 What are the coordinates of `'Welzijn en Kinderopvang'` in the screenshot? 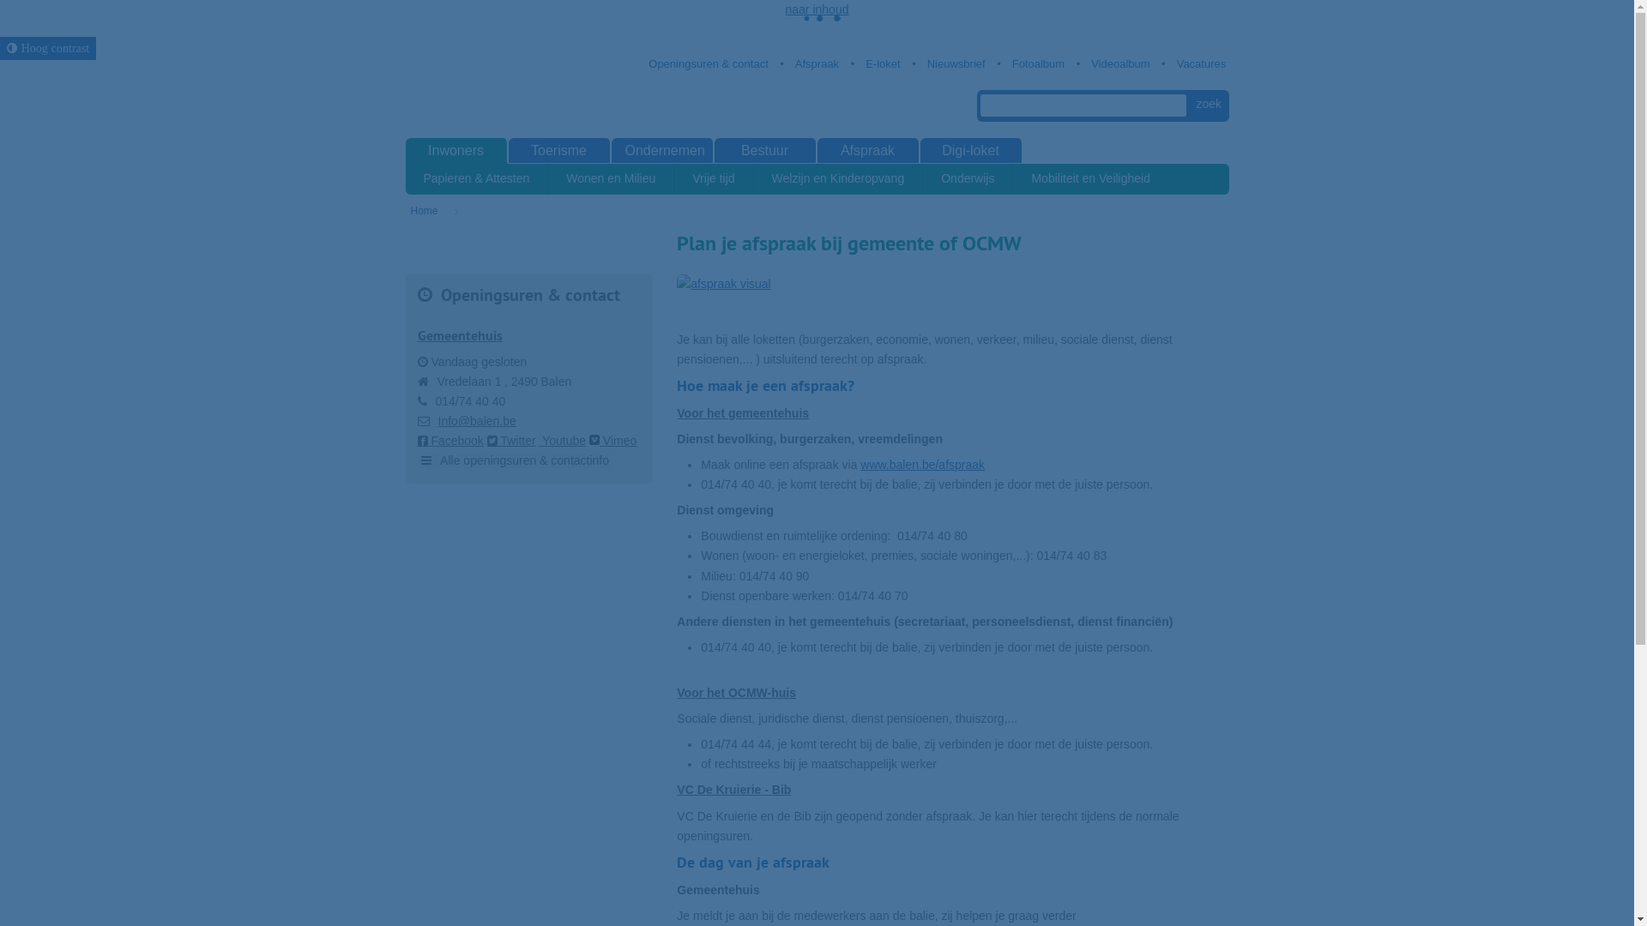 It's located at (839, 178).